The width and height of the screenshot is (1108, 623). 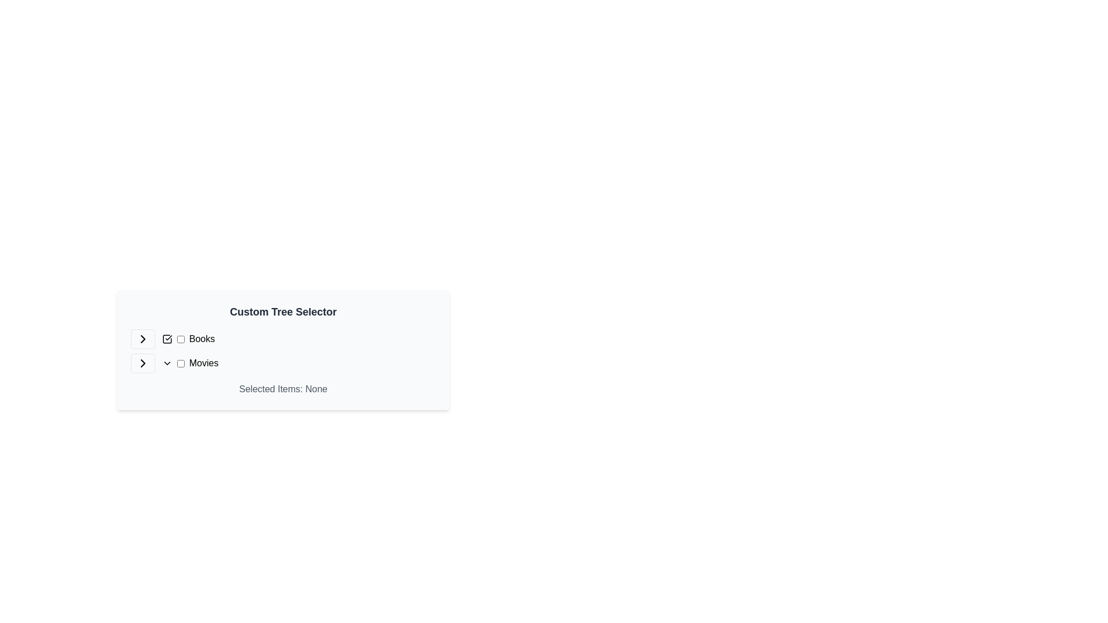 I want to click on the text label displaying 'Movies', which is part of a horizontal layout and positioned directly below the 'Books' label, so click(x=204, y=362).